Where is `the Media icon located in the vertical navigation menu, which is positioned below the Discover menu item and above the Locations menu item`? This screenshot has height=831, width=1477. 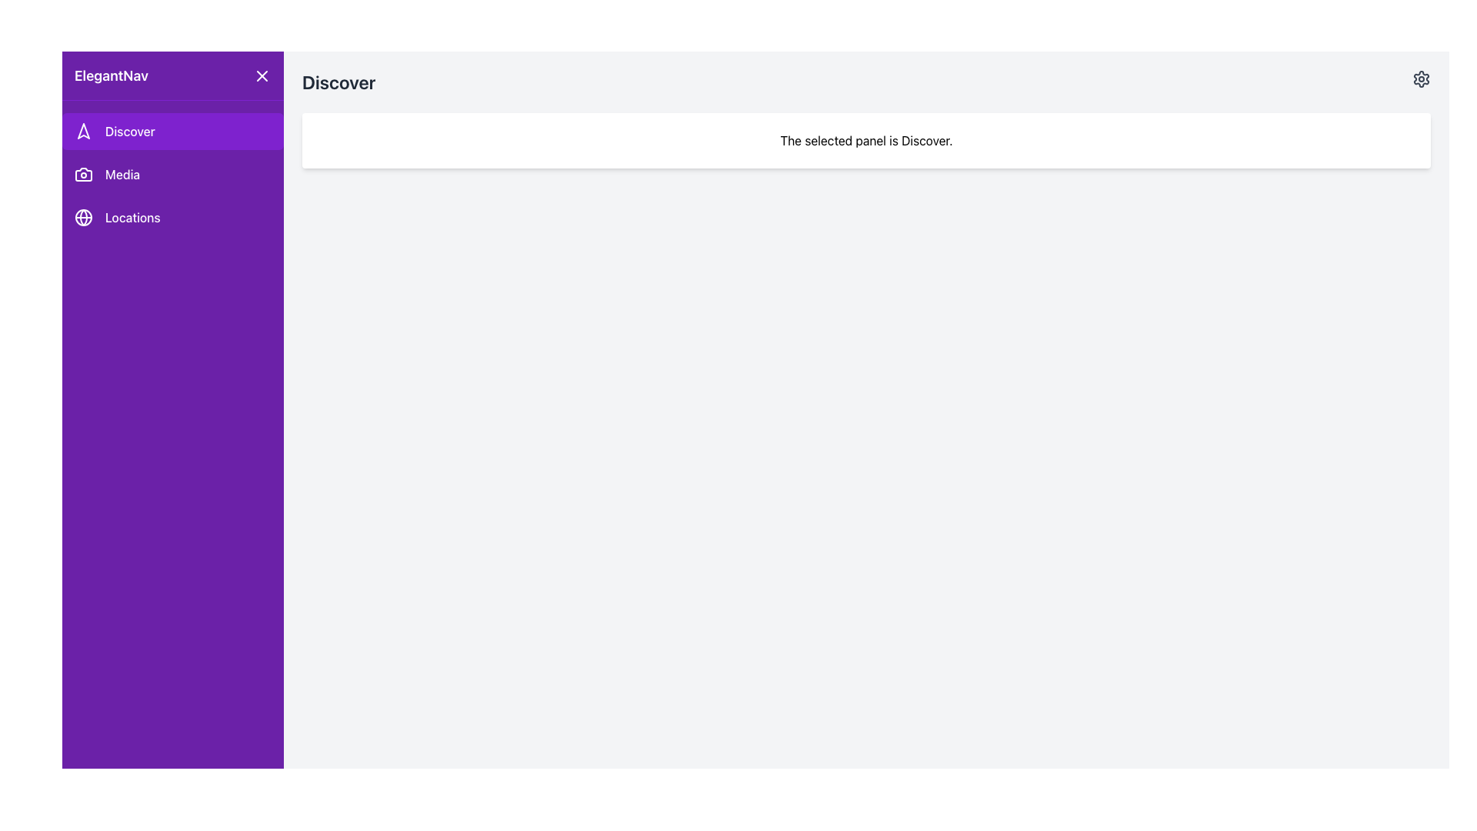
the Media icon located in the vertical navigation menu, which is positioned below the Discover menu item and above the Locations menu item is located at coordinates (83, 174).